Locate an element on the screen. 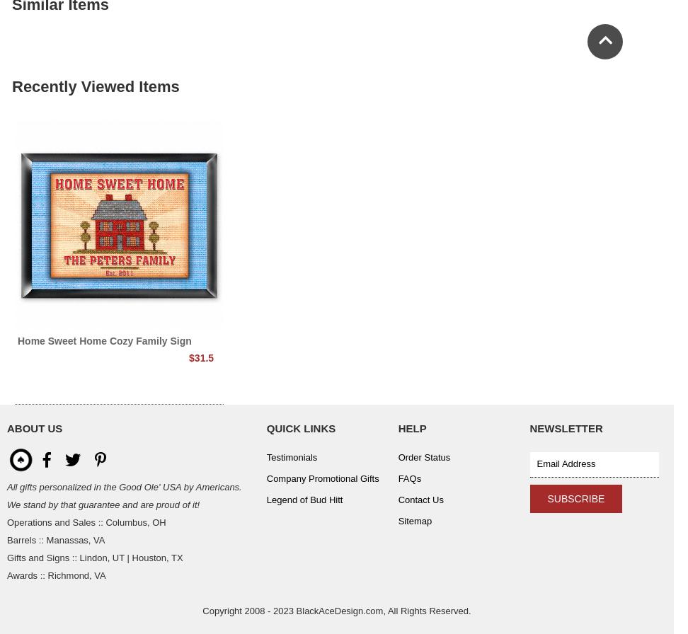 This screenshot has height=634, width=688. 'Help' is located at coordinates (411, 428).